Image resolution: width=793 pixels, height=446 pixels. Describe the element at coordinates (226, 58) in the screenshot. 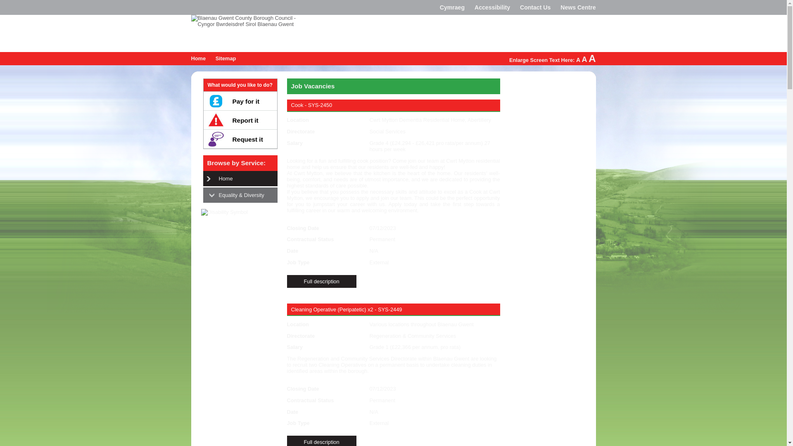

I see `'Sitemap'` at that location.